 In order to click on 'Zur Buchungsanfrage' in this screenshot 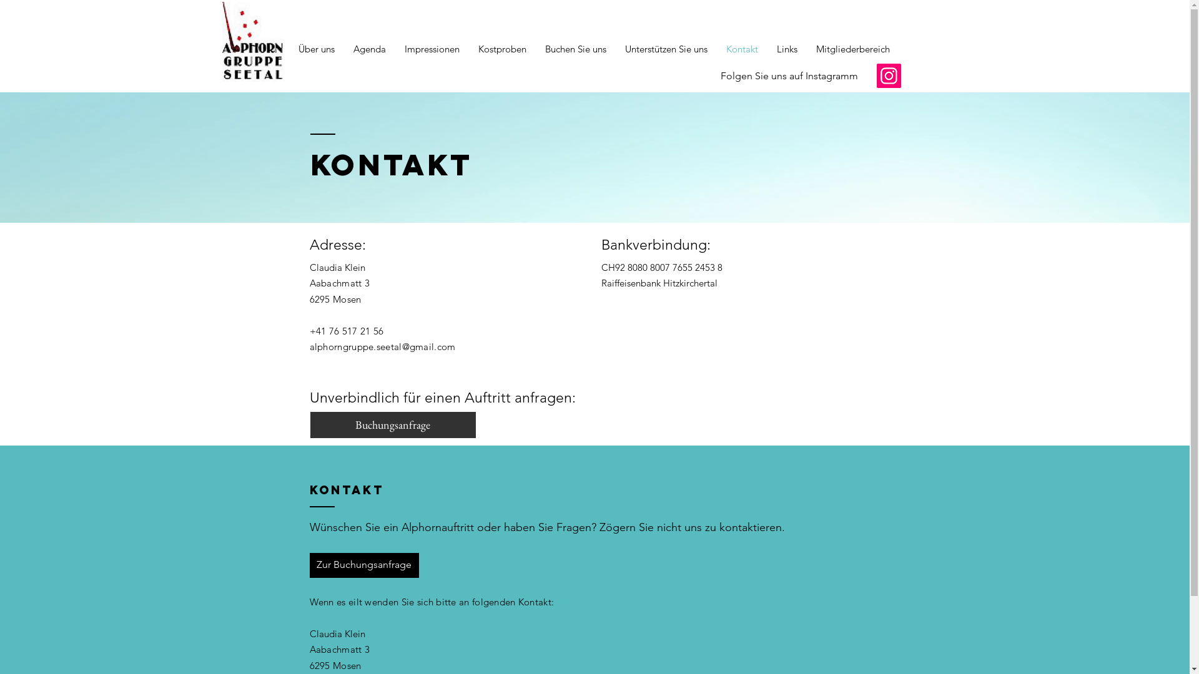, I will do `click(363, 565)`.